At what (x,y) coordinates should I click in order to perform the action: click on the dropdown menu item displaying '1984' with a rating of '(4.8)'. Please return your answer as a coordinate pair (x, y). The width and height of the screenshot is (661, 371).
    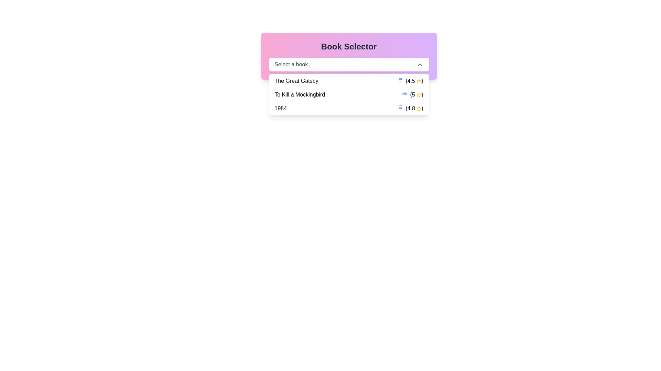
    Looking at the image, I should click on (349, 108).